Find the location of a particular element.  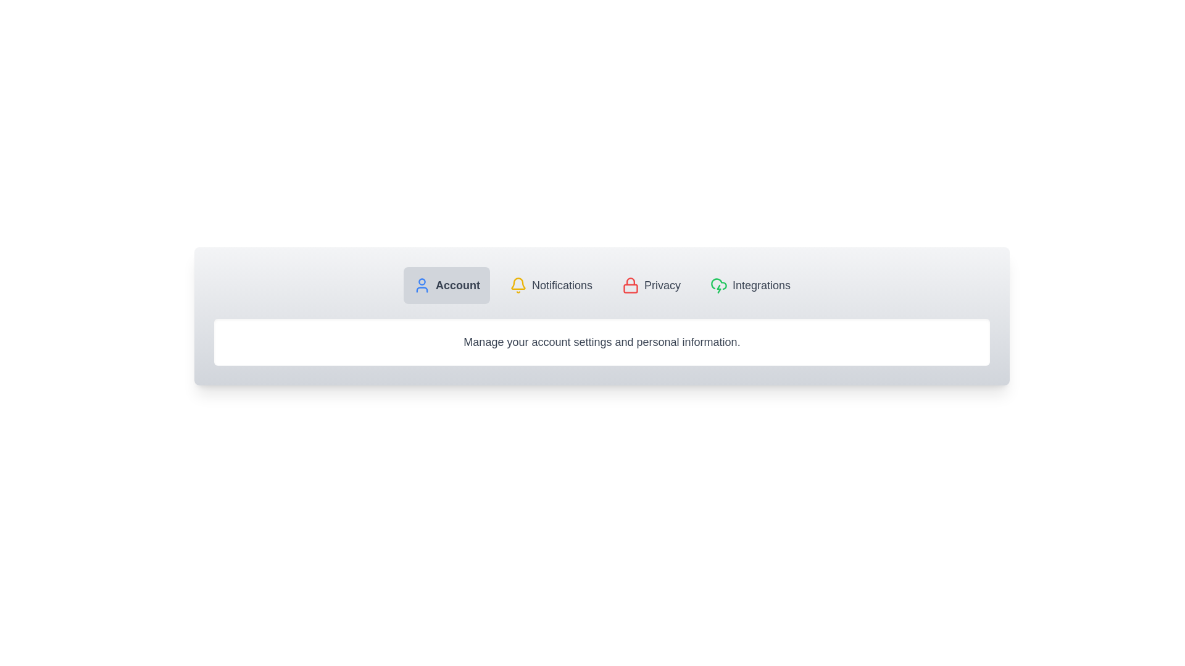

the notifications button, which is the second button in a horizontal array is located at coordinates (550, 285).